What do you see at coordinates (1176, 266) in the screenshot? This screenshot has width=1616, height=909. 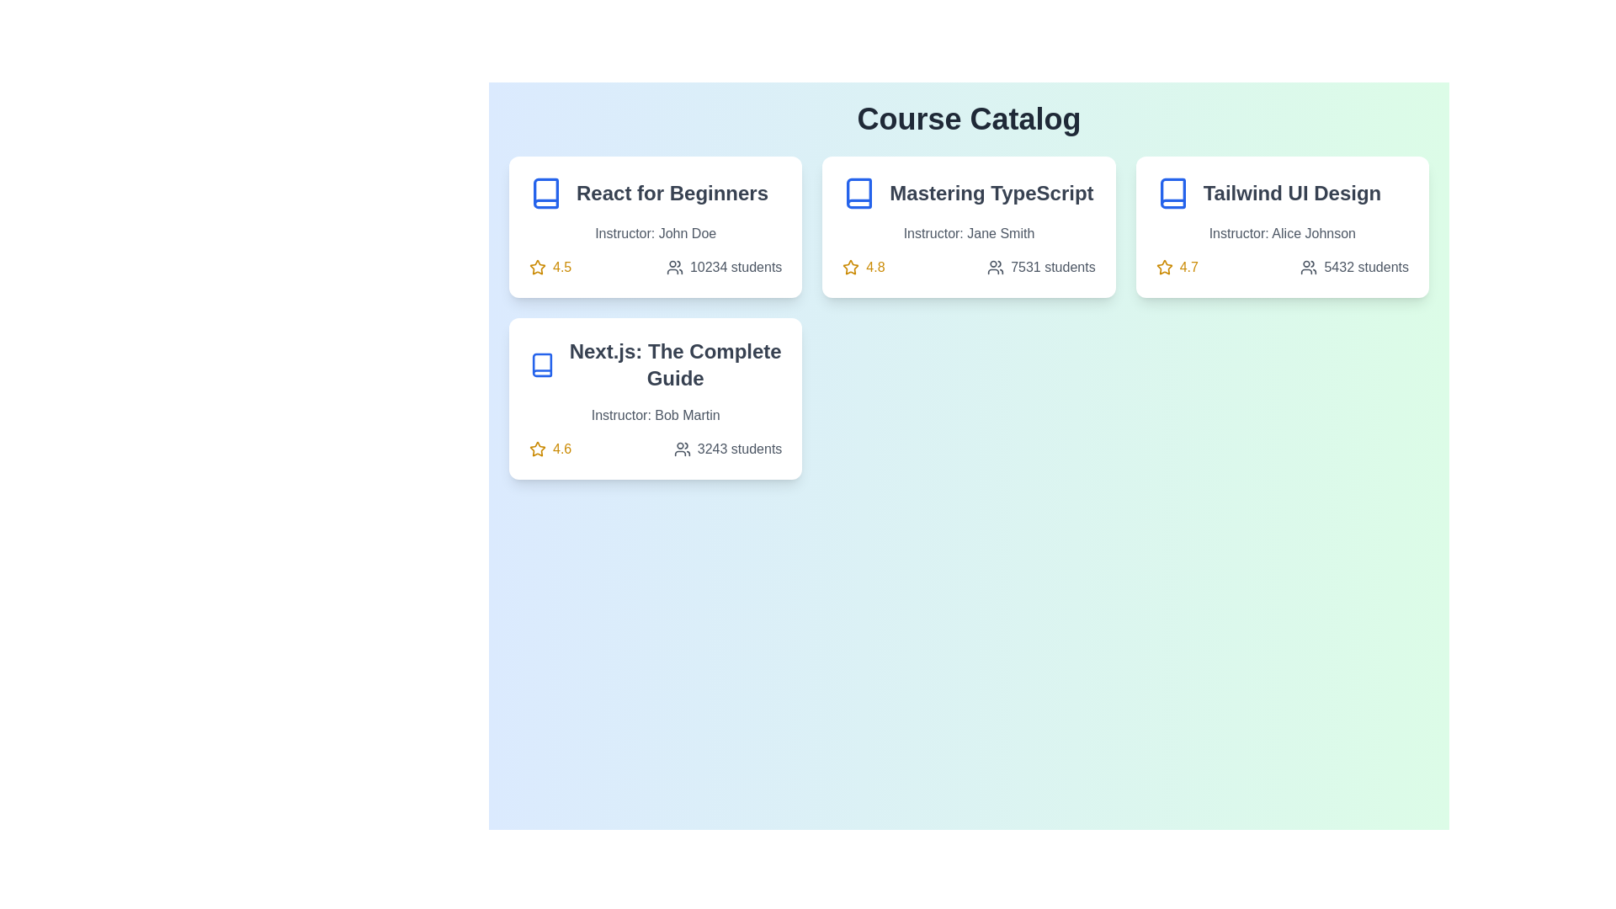 I see `the yellow star icon followed by the rating '4.7' in bold text located in the lower-left corner of the 'Tailwind UI Design' course card` at bounding box center [1176, 266].